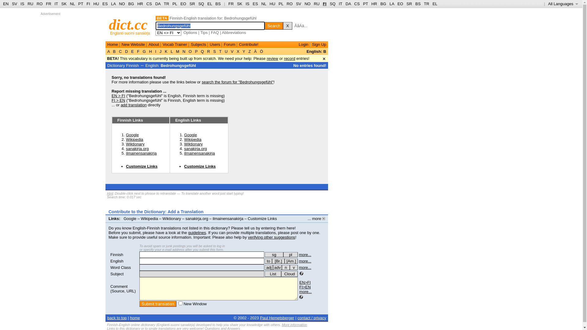 The height and width of the screenshot is (330, 587). Describe the element at coordinates (156, 211) in the screenshot. I see `'Contribute to the Dictionary: Add a Translation'` at that location.